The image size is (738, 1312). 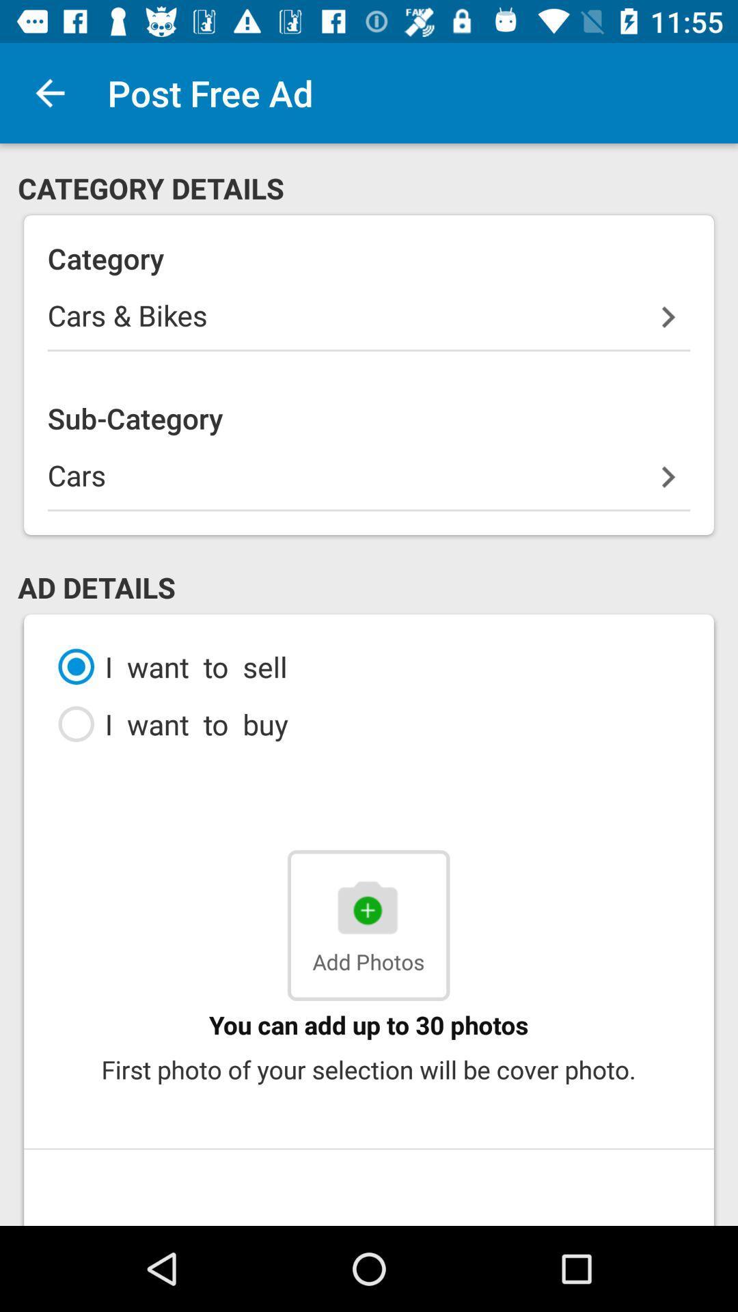 I want to click on the item next to post free ad icon, so click(x=49, y=92).